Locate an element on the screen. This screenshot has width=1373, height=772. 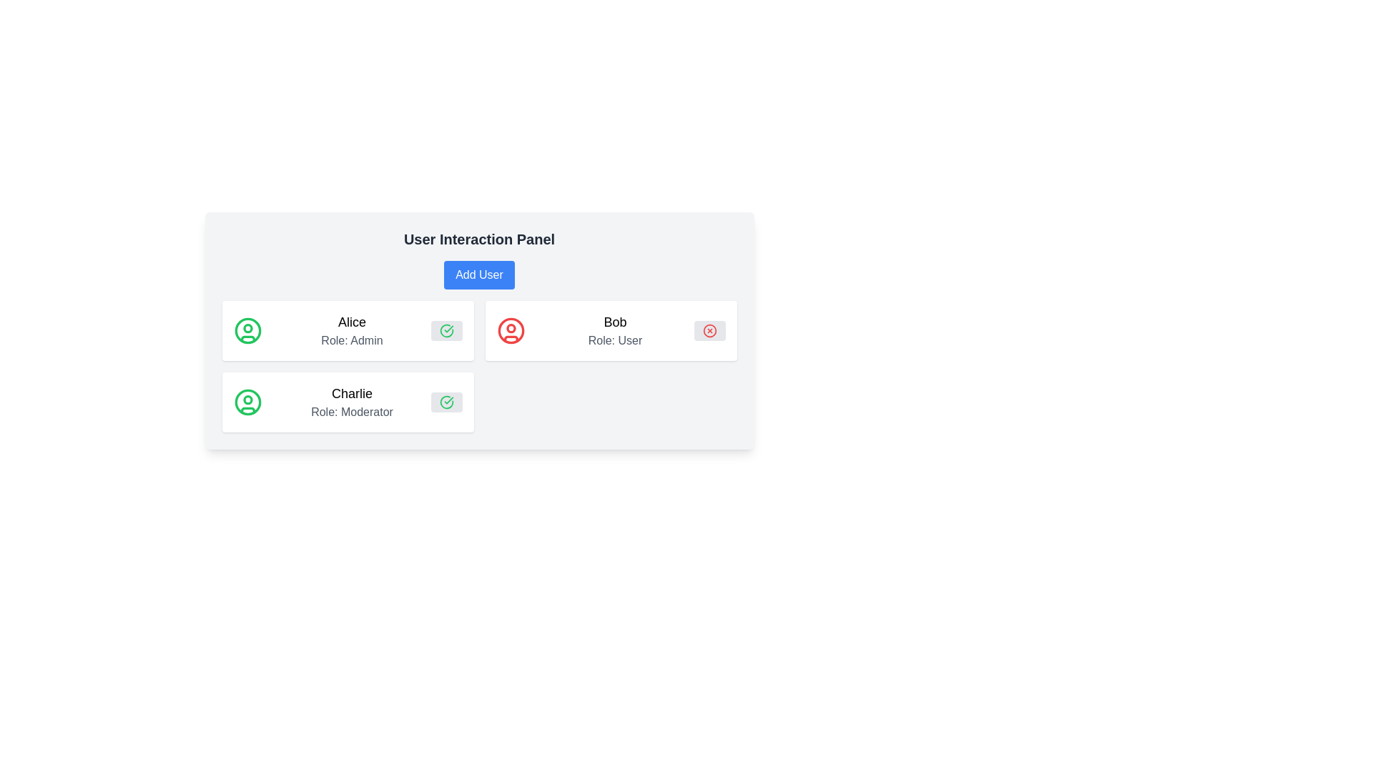
the text label displaying the role assigned to the user Bob, which is located below the name 'Bob' in the information card is located at coordinates (615, 341).